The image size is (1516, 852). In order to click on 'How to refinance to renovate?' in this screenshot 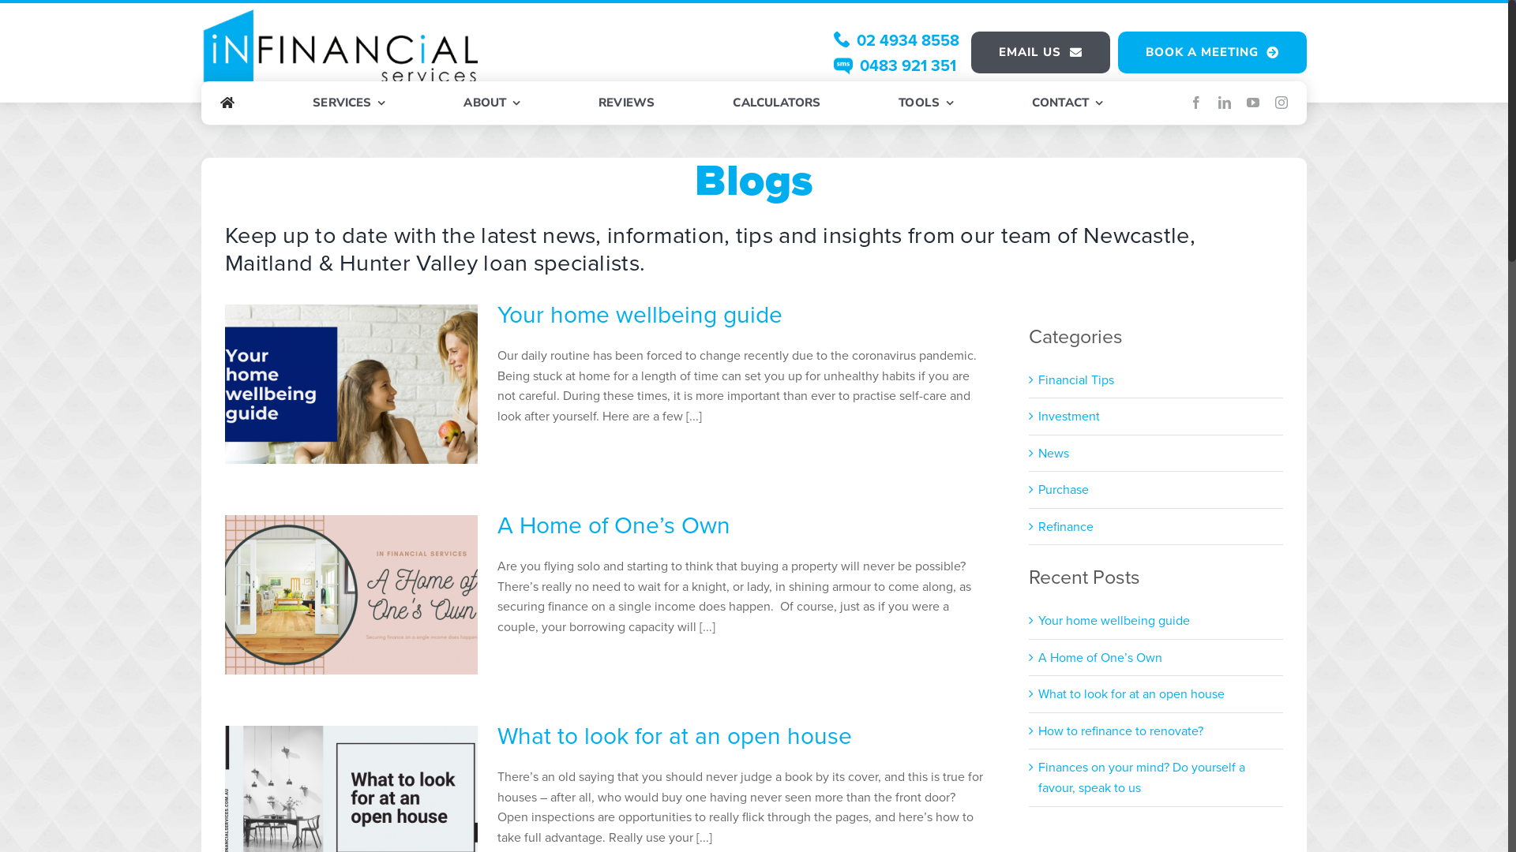, I will do `click(1120, 731)`.